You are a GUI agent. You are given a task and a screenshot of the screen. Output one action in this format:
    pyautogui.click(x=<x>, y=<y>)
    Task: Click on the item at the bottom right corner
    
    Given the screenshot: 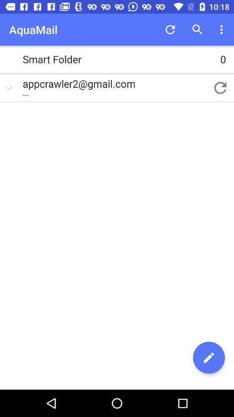 What is the action you would take?
    pyautogui.click(x=208, y=357)
    